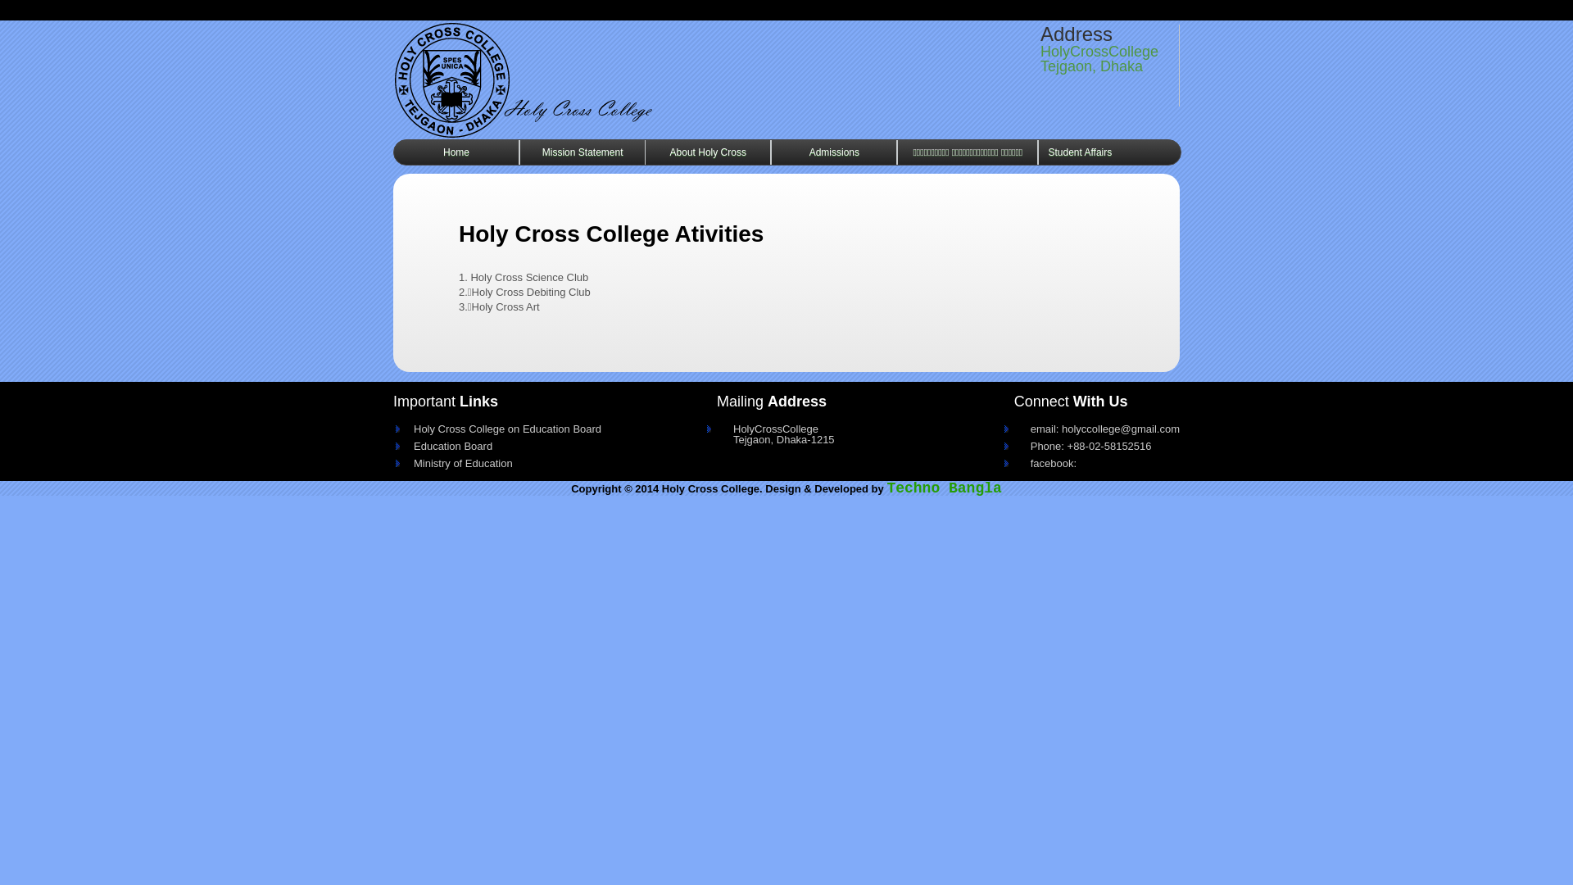 This screenshot has height=885, width=1573. I want to click on 'facebook:', so click(1097, 460).